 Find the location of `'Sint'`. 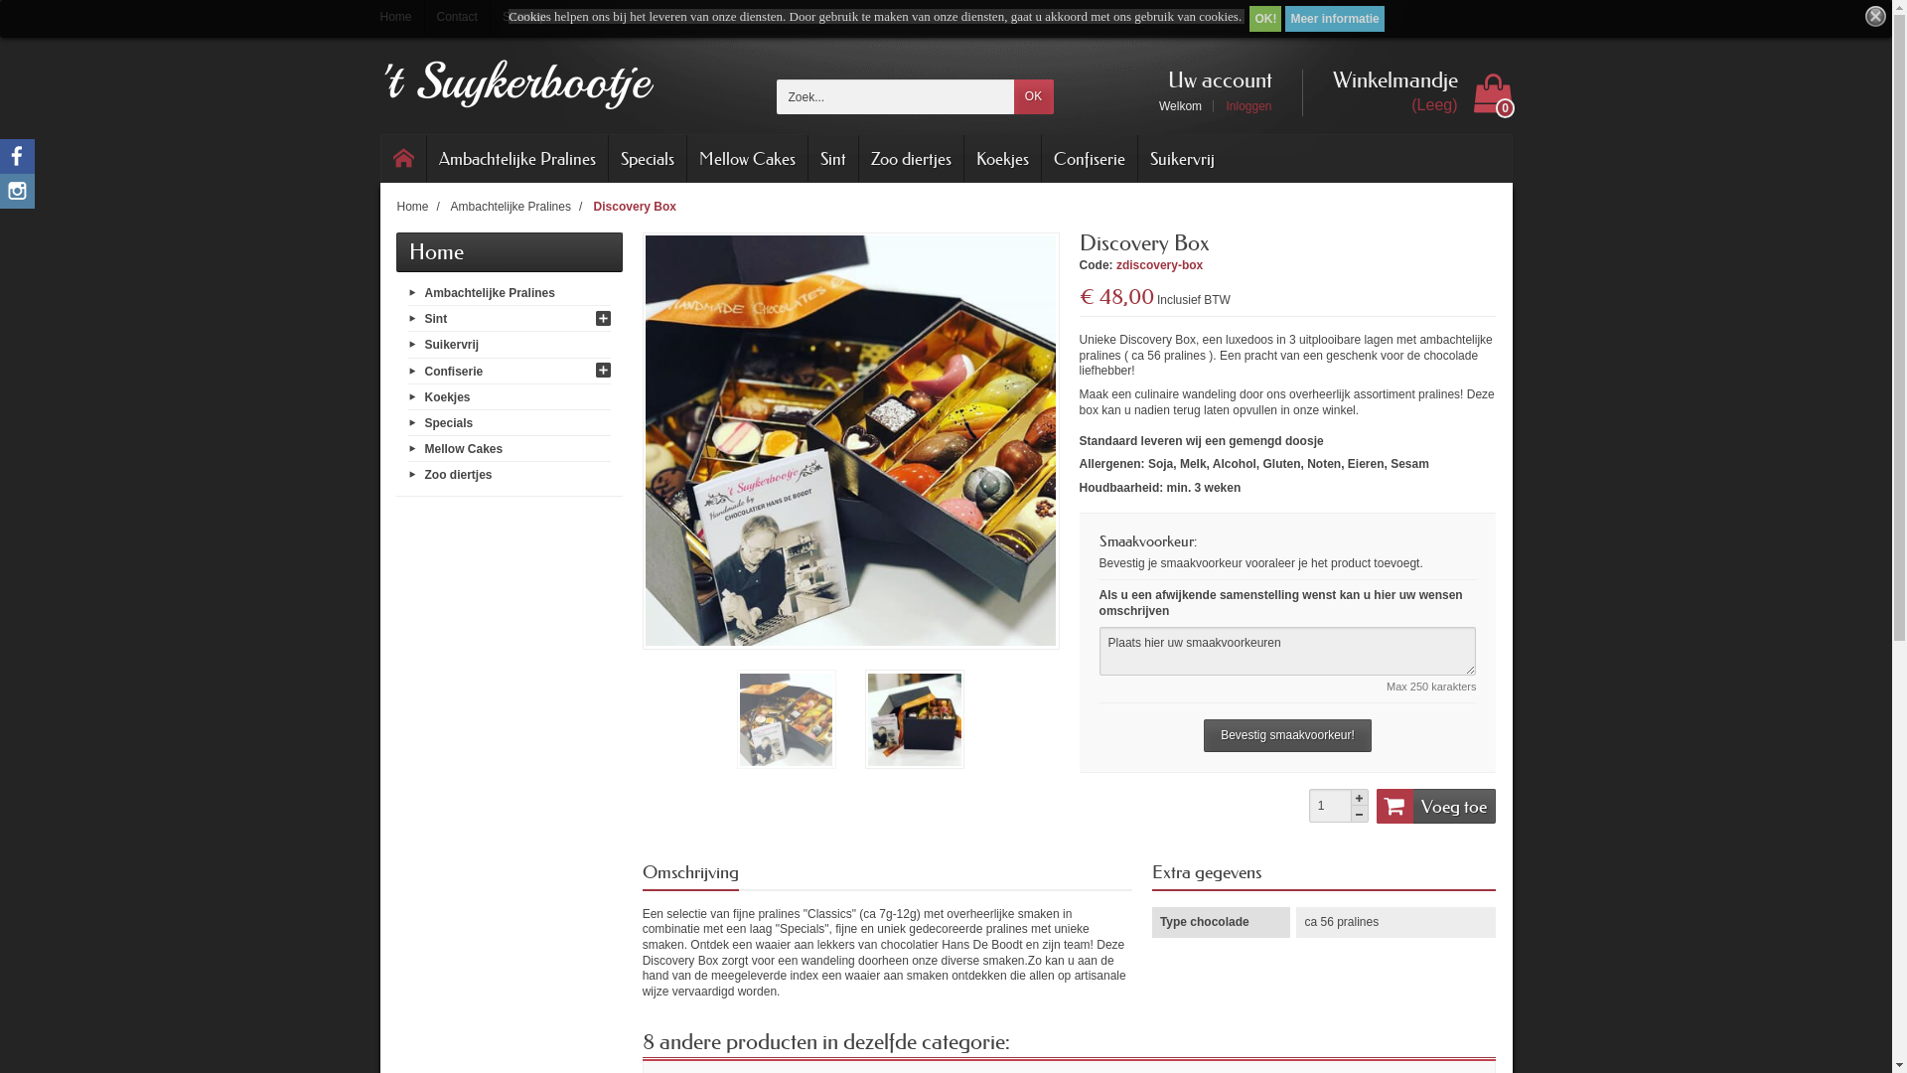

'Sint' is located at coordinates (435, 317).